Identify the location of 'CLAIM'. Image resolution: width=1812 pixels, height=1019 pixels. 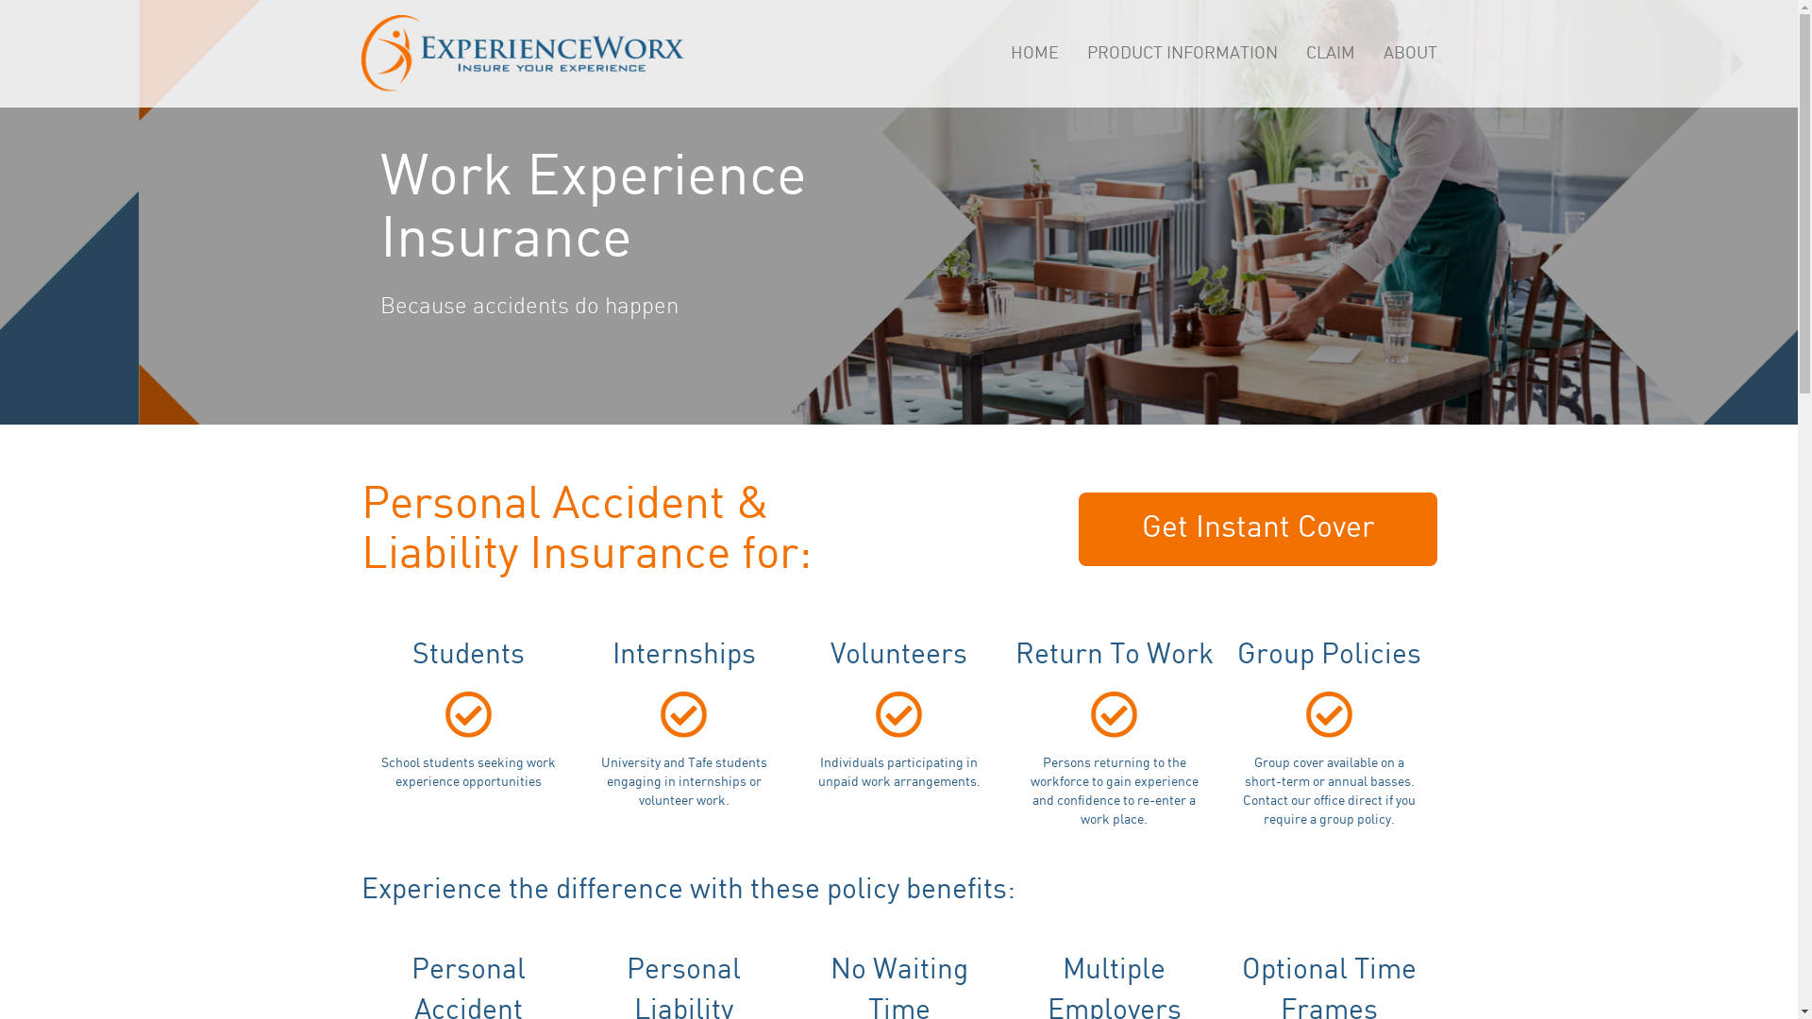
(1329, 53).